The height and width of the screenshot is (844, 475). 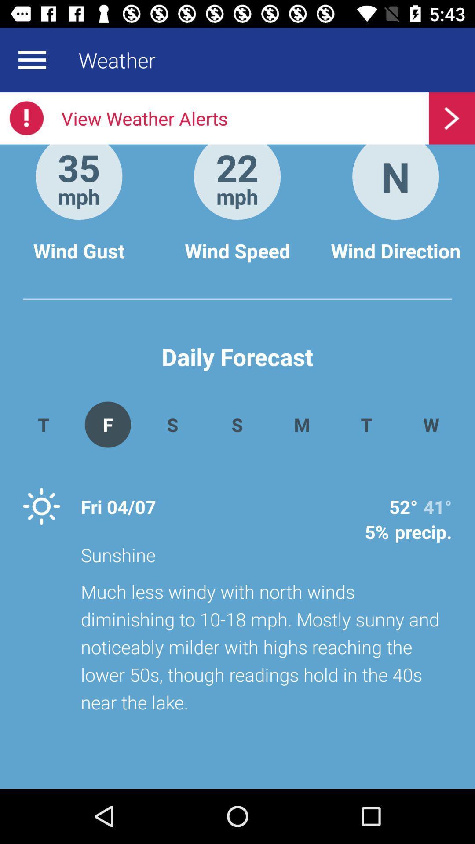 I want to click on the item to the right of t app, so click(x=107, y=424).